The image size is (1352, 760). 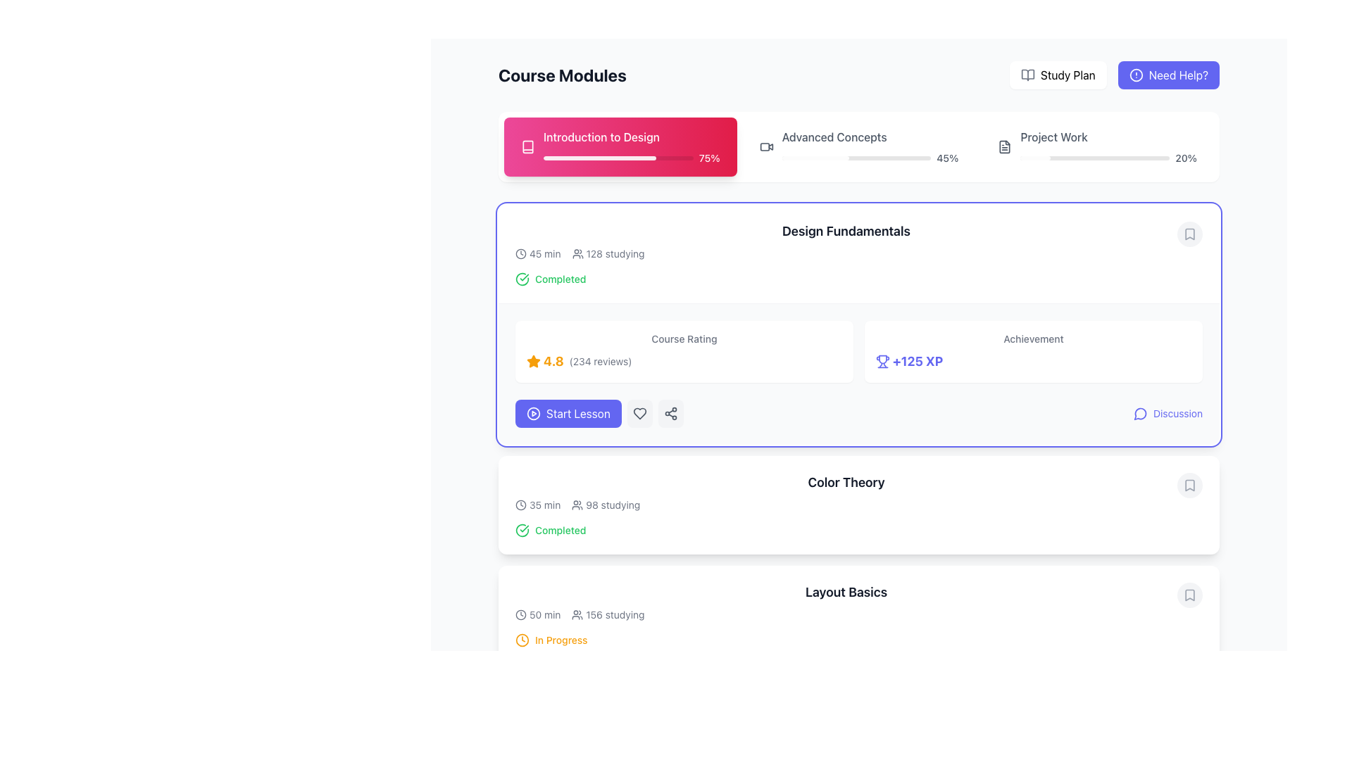 I want to click on the Bookmark icon located at the top-right corner of the 'Color Theory' module card, so click(x=1189, y=485).